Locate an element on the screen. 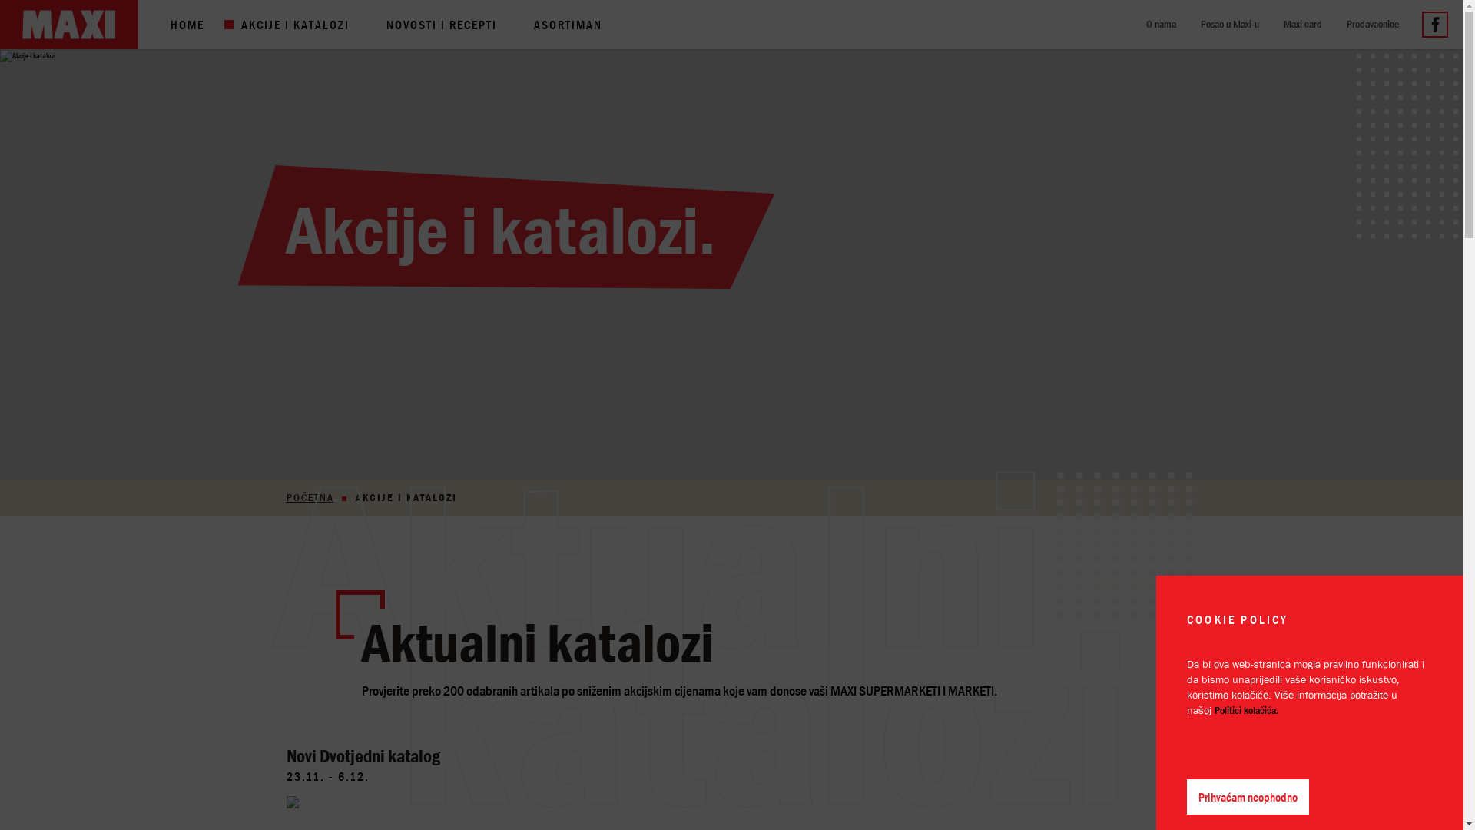 The height and width of the screenshot is (830, 1475). 'Posao u Maxi-u' is located at coordinates (1189, 23).